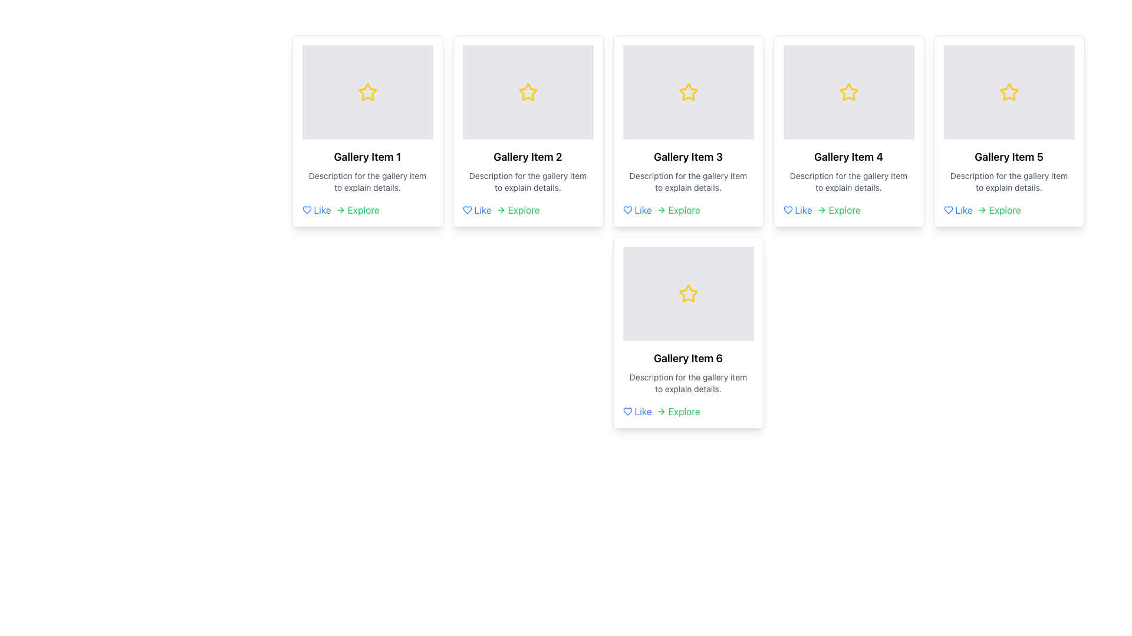 This screenshot has height=636, width=1132. What do you see at coordinates (340, 210) in the screenshot?
I see `the arrow icon located to the right of the 'Explore' text within the button component at the bottom of 'Gallery Item 1'` at bounding box center [340, 210].